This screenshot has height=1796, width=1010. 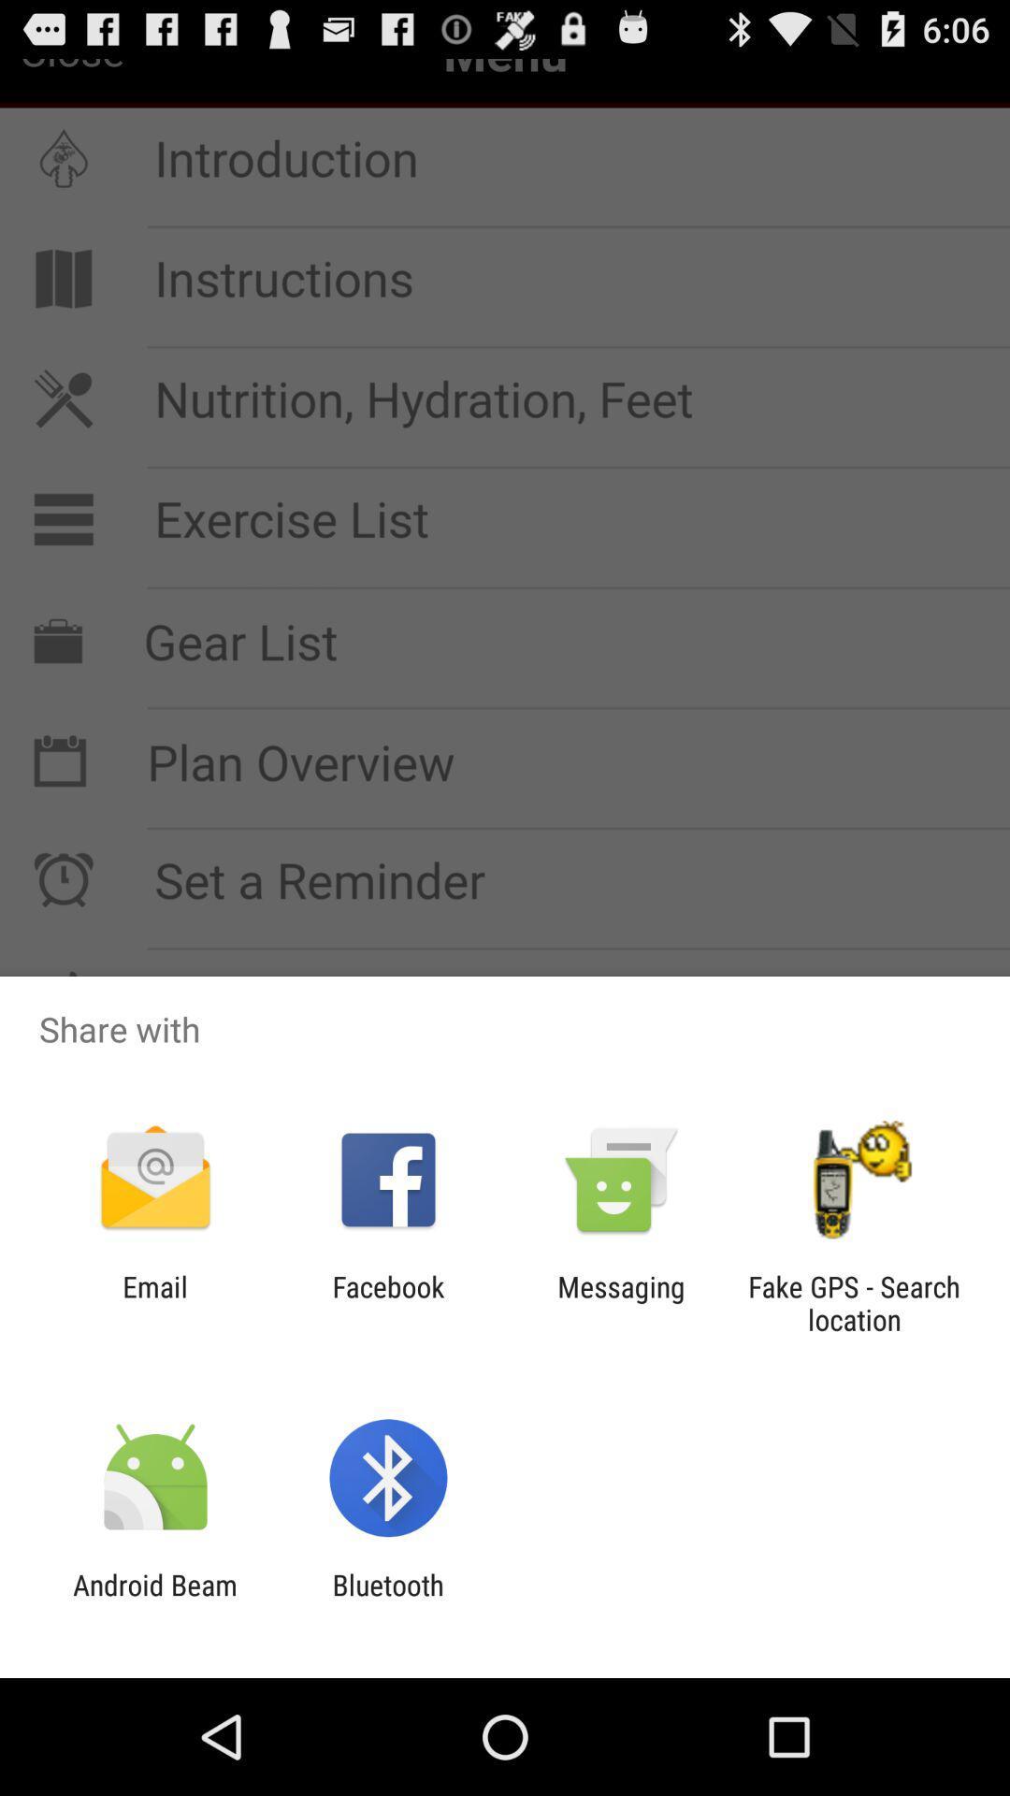 I want to click on the android beam icon, so click(x=154, y=1600).